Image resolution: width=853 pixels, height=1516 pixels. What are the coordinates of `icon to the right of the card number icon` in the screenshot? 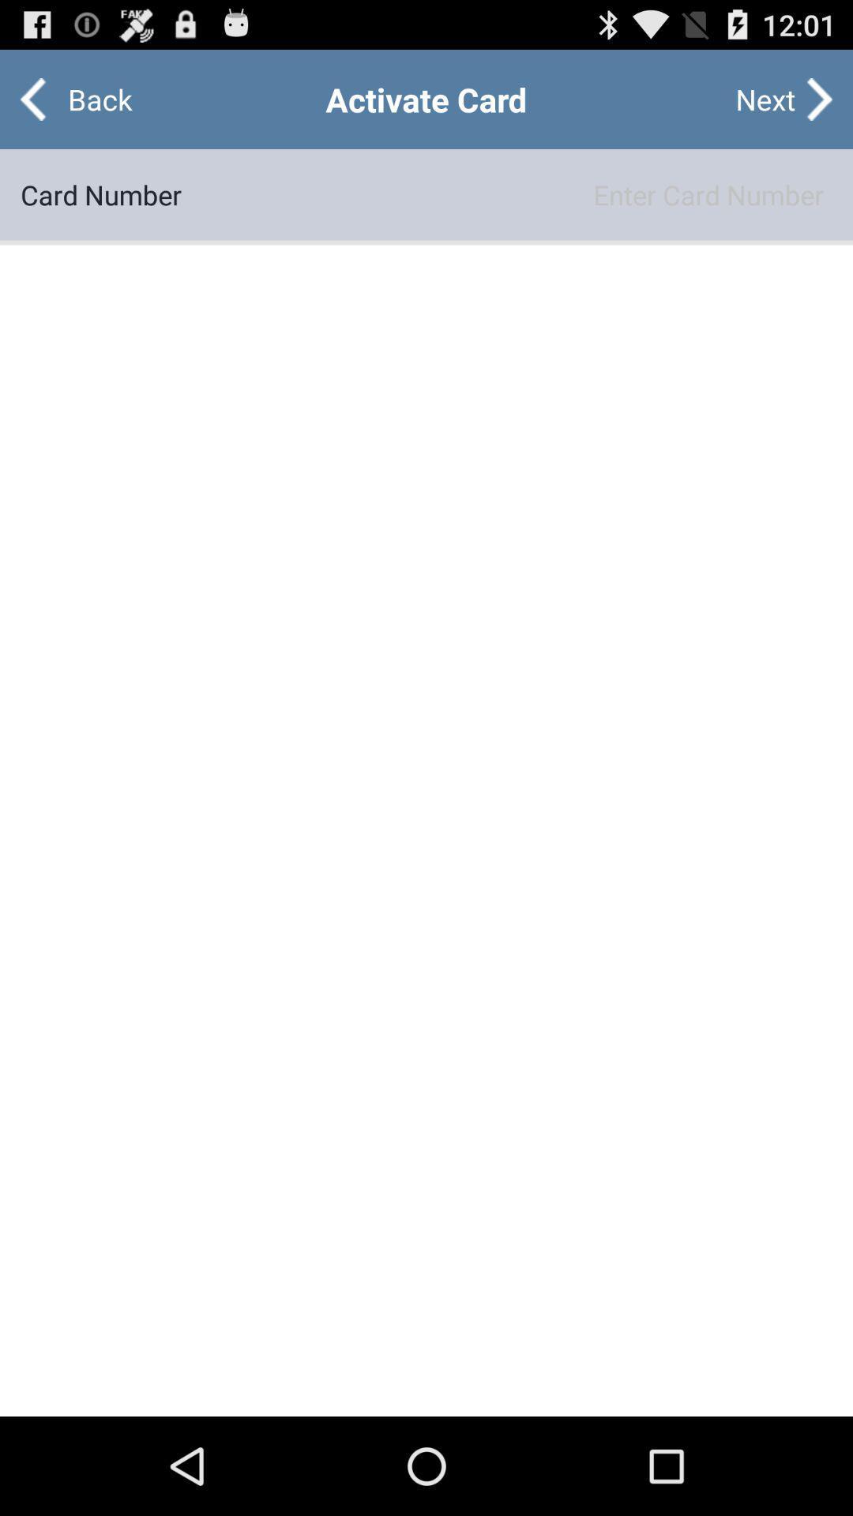 It's located at (506, 193).